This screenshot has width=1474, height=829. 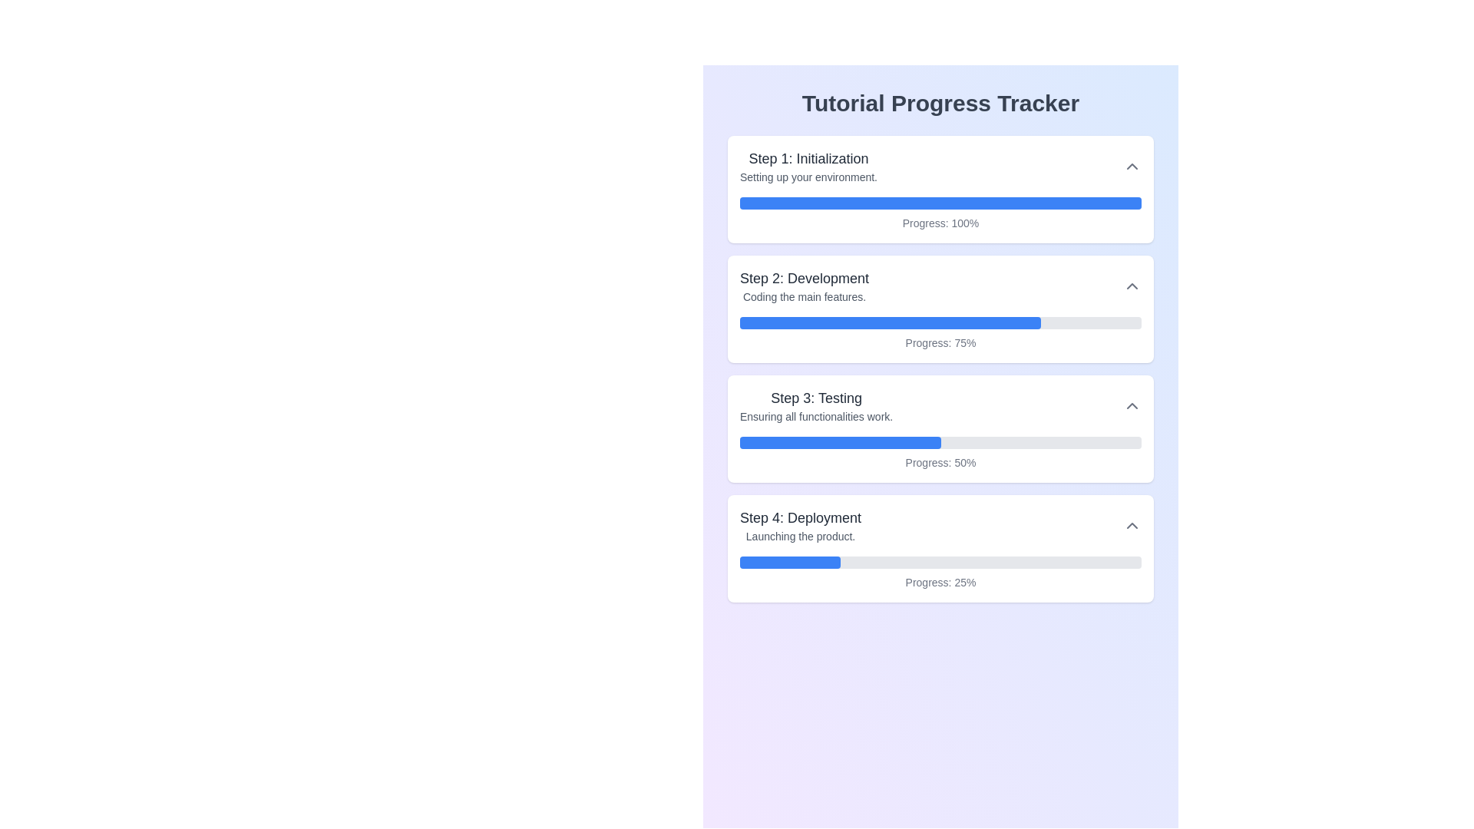 What do you see at coordinates (804, 278) in the screenshot?
I see `the text label reading 'Step 2: Development' which is styled prominently in gray with a bold and larger font, indicating its importance as a title within the progress tracker interface` at bounding box center [804, 278].